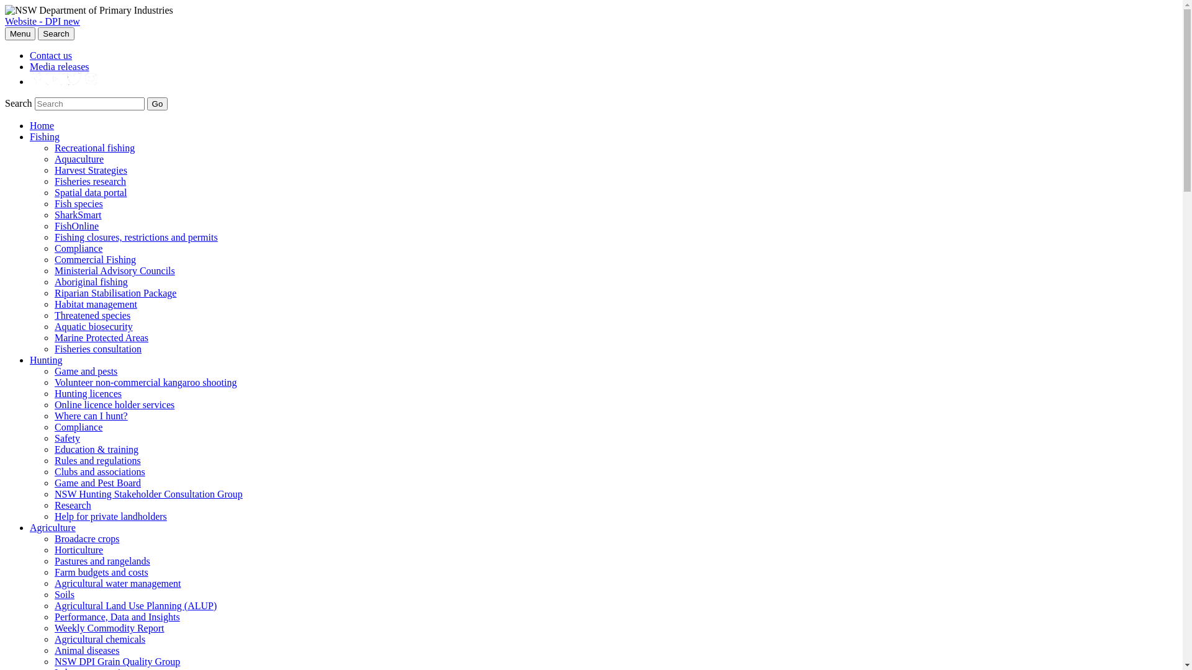 This screenshot has height=670, width=1192. What do you see at coordinates (53, 315) in the screenshot?
I see `'Threatened species'` at bounding box center [53, 315].